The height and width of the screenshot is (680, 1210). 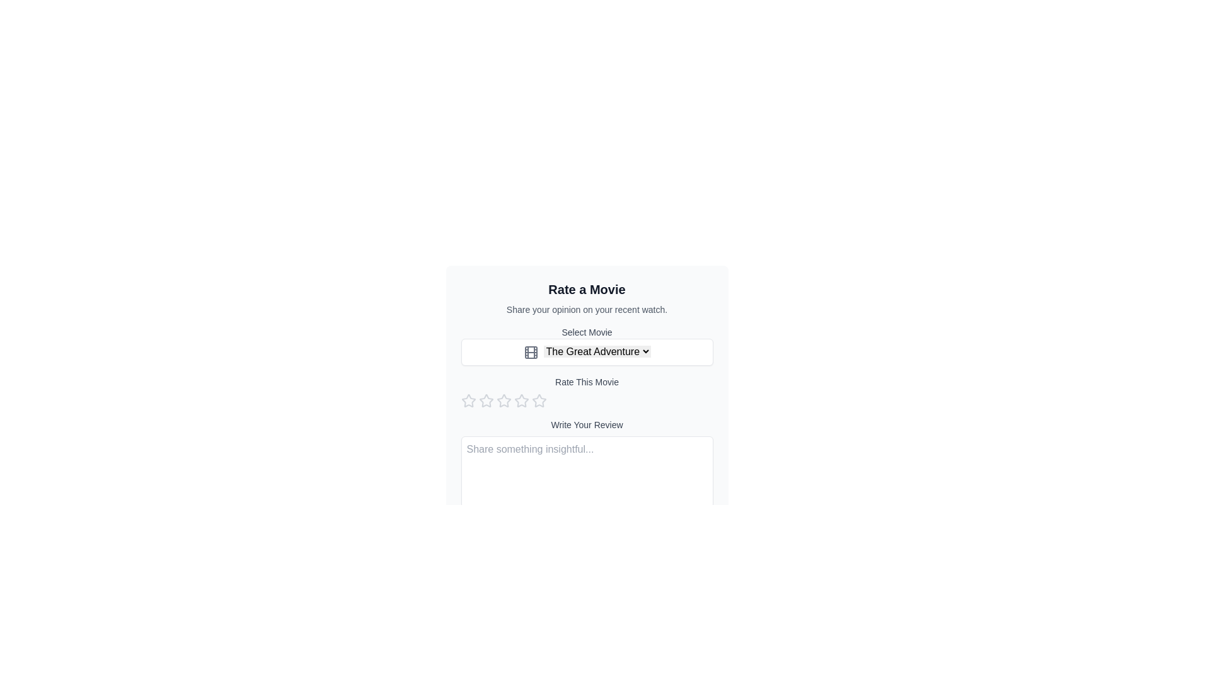 I want to click on the text label that says 'Rate This Movie', which is positioned above the star icons and below the 'Select Movie' dropdown menu, so click(x=586, y=391).